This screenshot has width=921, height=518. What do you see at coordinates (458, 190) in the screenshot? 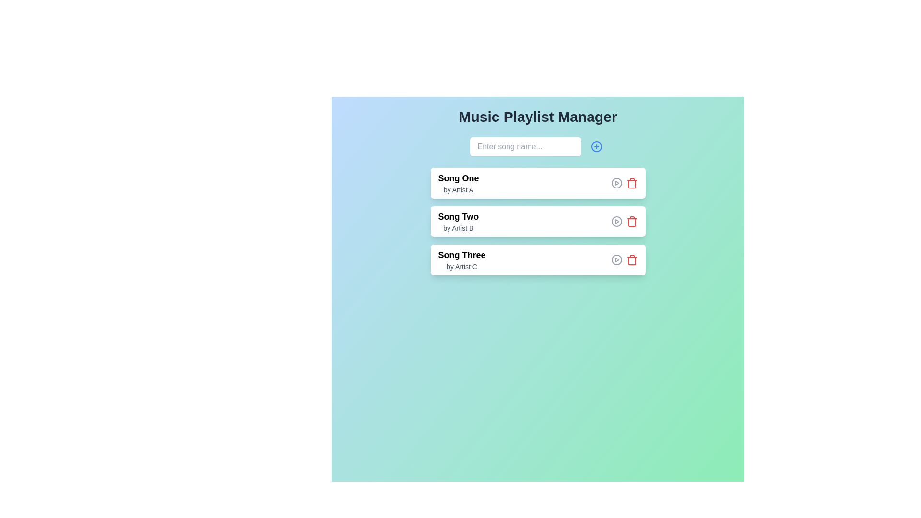
I see `the text label that reads 'by Artist A', styled in a smaller gray font, positioned beneath 'Song One' in the Music Playlist Manager interface` at bounding box center [458, 190].